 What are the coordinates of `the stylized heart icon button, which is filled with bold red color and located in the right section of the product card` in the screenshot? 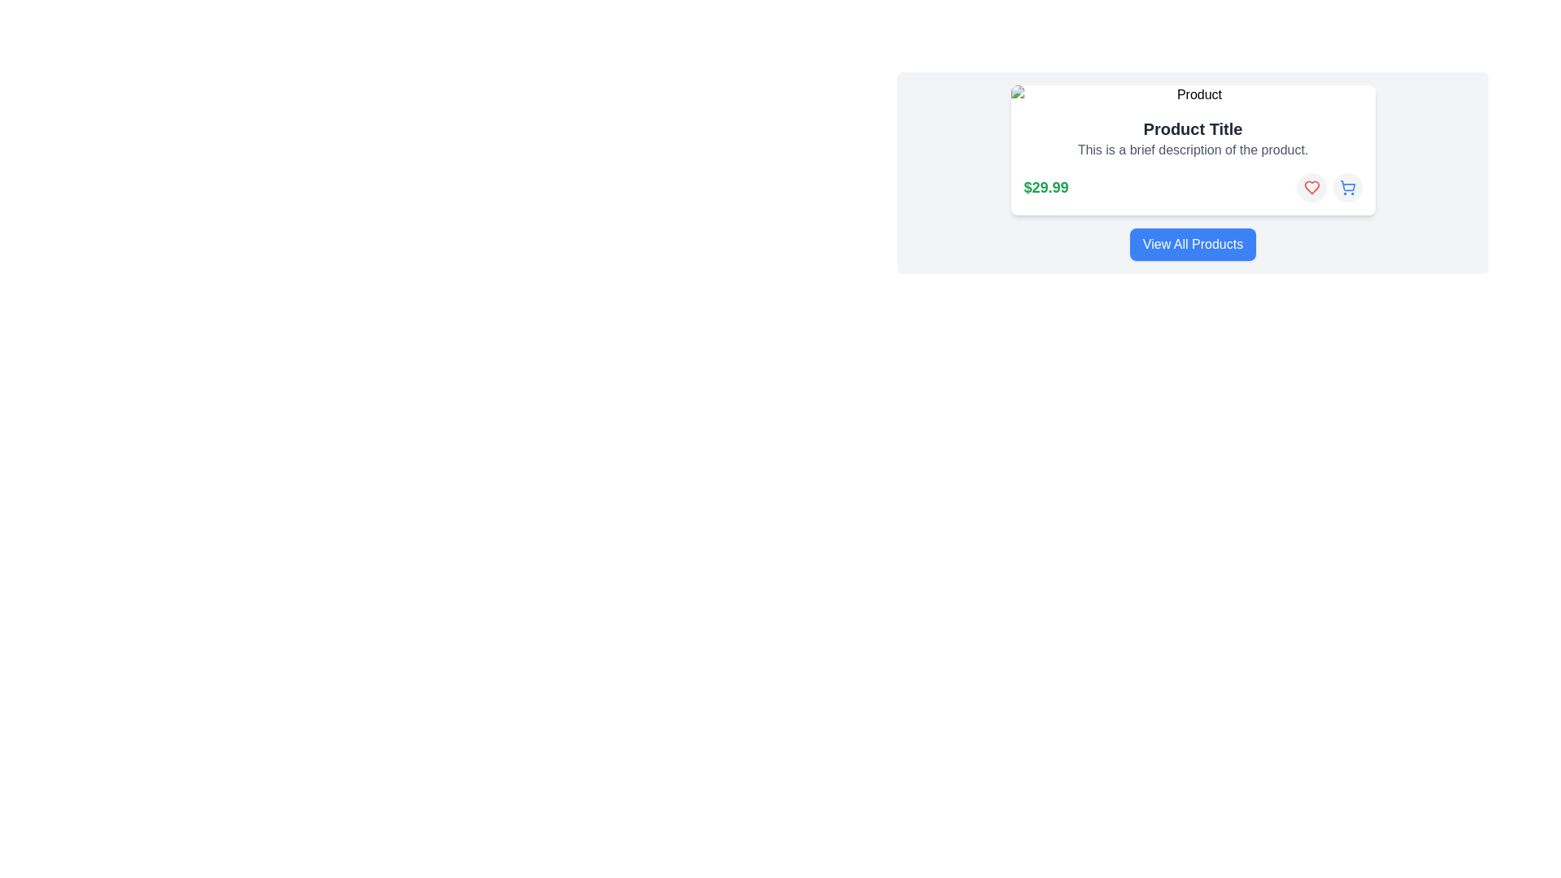 It's located at (1311, 187).